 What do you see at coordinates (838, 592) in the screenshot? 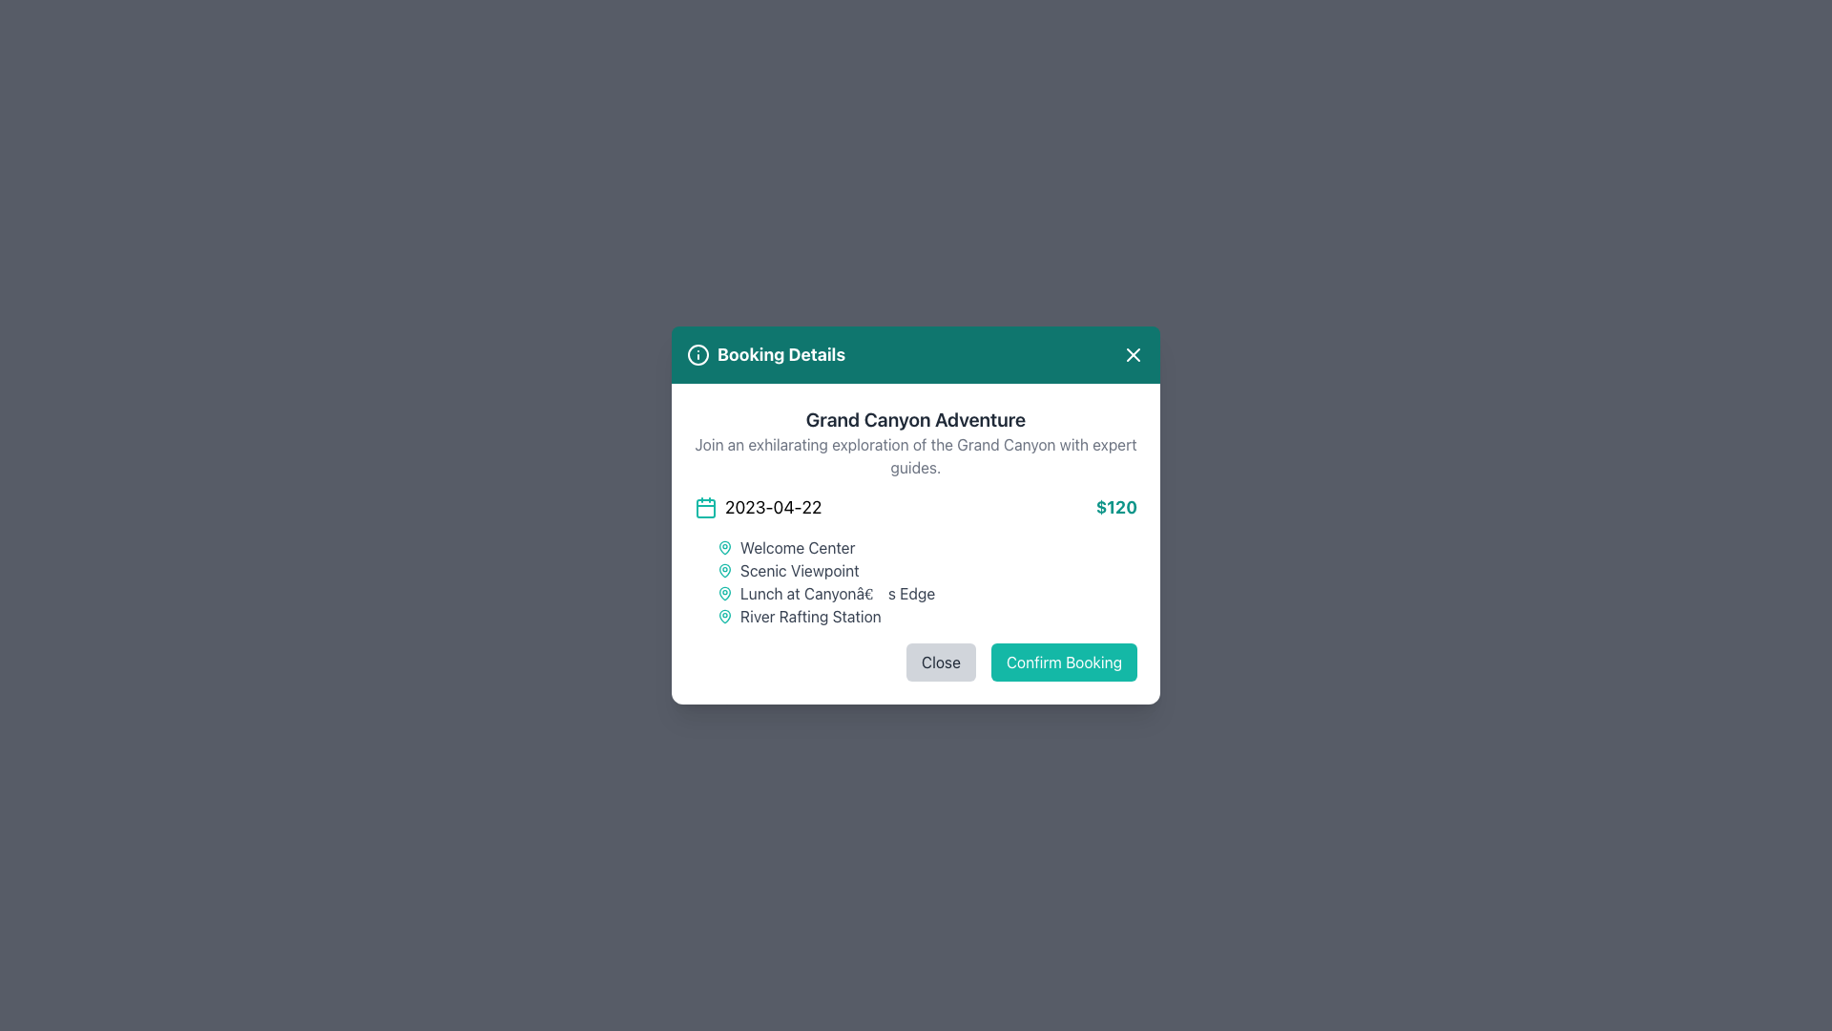
I see `the text label 'Lunch at Canyon’s Edge', which is the third item in a vertical list of text labels, positioned slightly to the right of a map pin icon` at bounding box center [838, 592].